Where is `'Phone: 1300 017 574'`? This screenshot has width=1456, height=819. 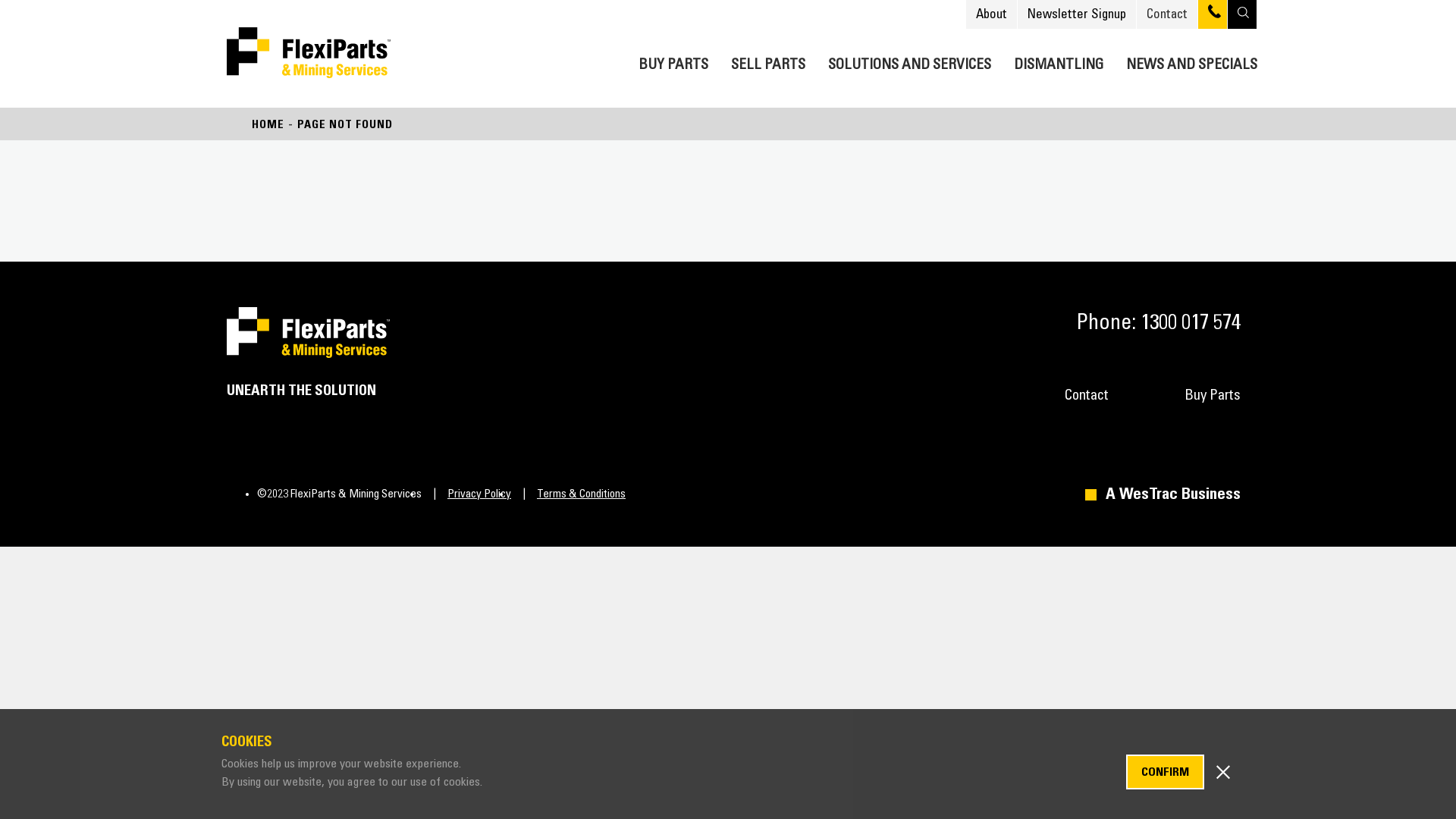
'Phone: 1300 017 574' is located at coordinates (1153, 322).